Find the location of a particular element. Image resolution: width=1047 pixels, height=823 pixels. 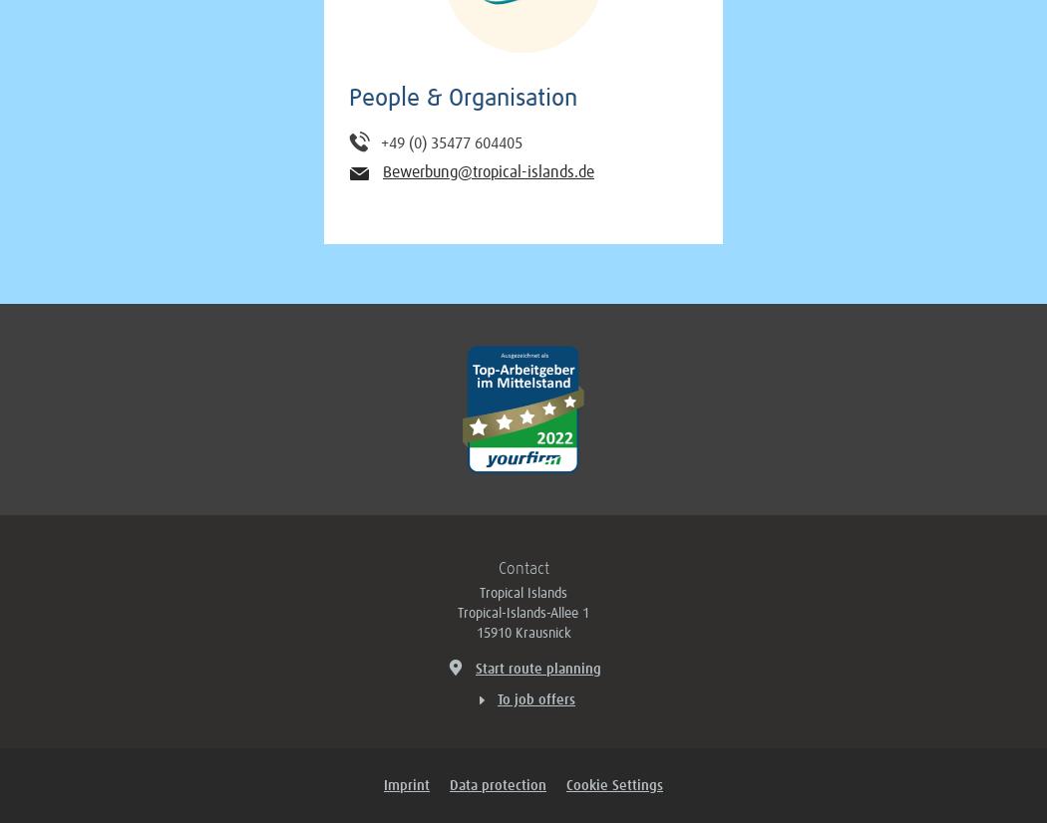

'Contact' is located at coordinates (522, 568).